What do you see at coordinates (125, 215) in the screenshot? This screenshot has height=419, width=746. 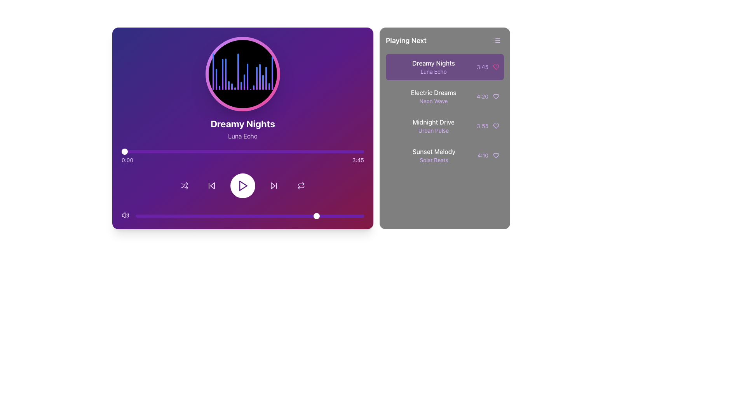 I see `the sound toggle button, which is a purple icon resembling a speaker with sound waves located in the bottom-left corner of the main card component` at bounding box center [125, 215].